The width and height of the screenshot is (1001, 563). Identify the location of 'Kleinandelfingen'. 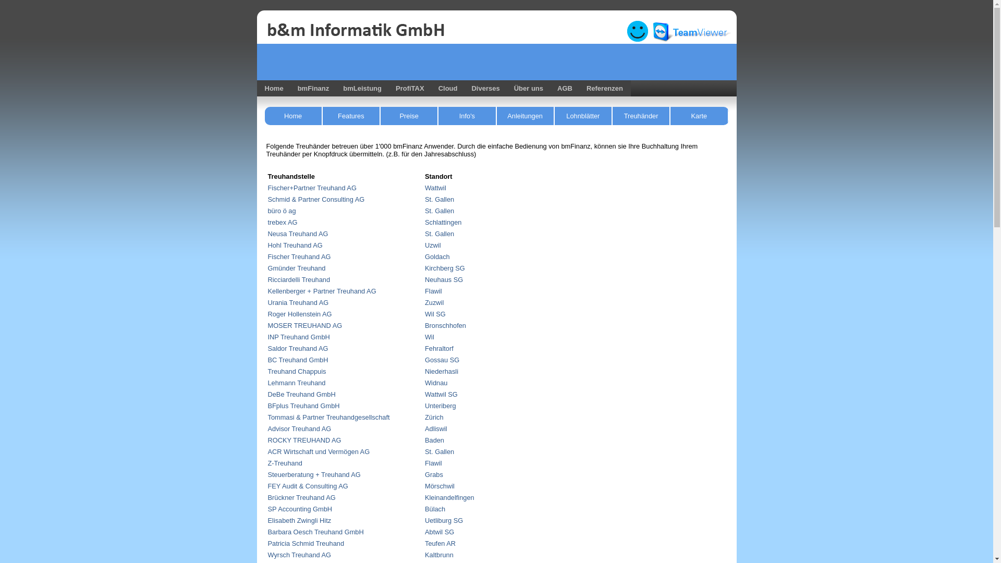
(449, 497).